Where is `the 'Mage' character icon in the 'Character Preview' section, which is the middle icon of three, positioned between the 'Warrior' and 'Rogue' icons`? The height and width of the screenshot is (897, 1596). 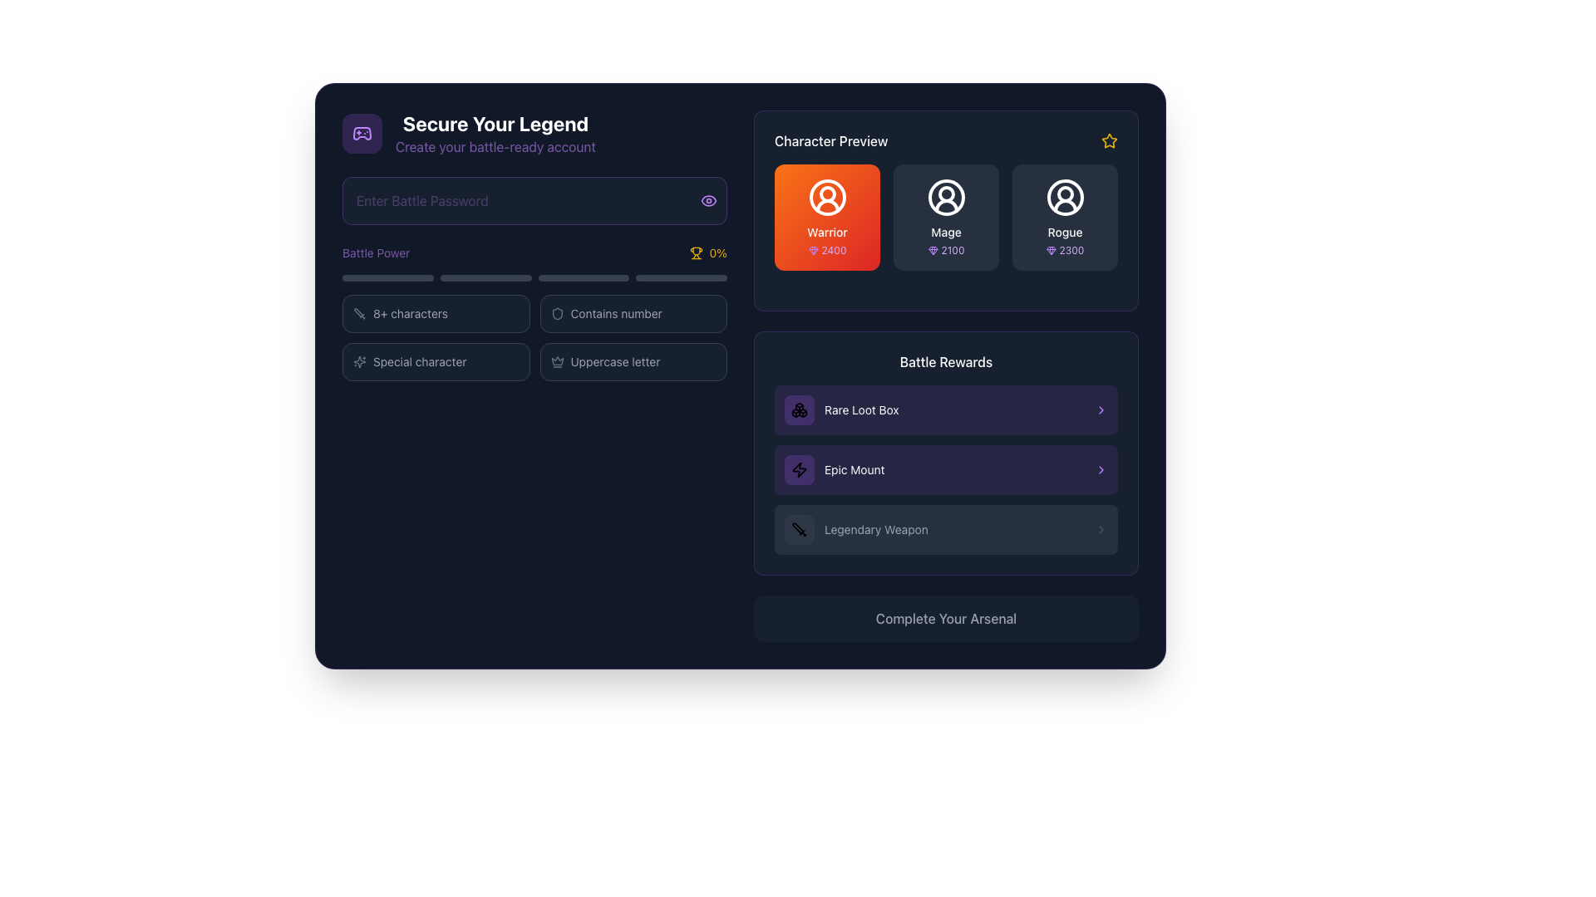
the 'Mage' character icon in the 'Character Preview' section, which is the middle icon of three, positioned between the 'Warrior' and 'Rogue' icons is located at coordinates (946, 197).